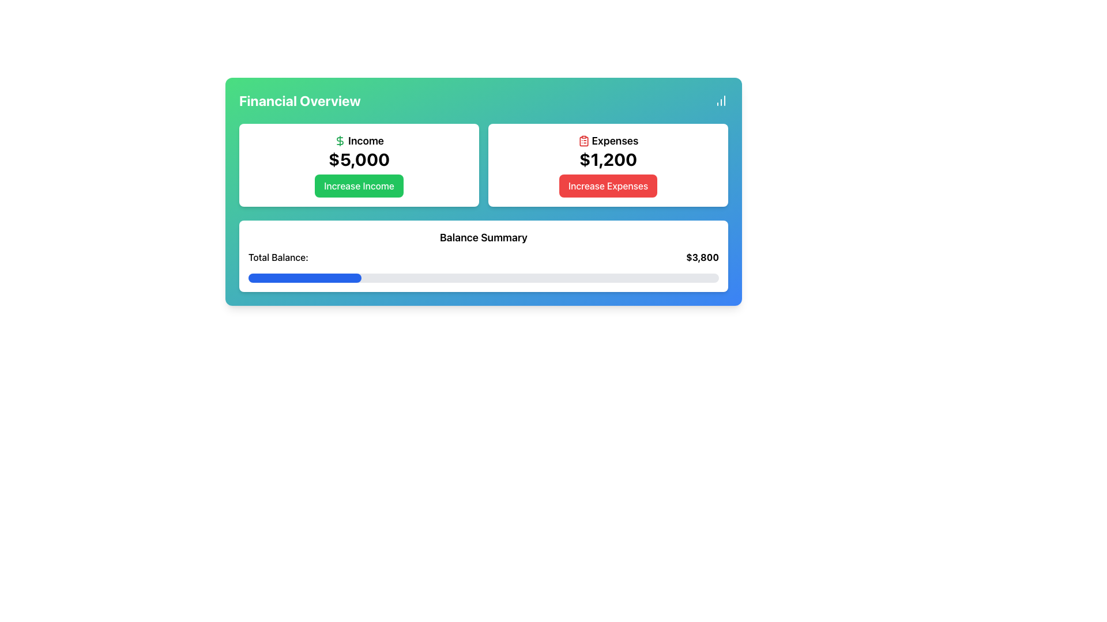 The width and height of the screenshot is (1107, 622). Describe the element at coordinates (484, 255) in the screenshot. I see `the Informational Card displaying the user's balance summary, located in the Financial Overview section, centered horizontally and positioned below Income and Expenses` at that location.